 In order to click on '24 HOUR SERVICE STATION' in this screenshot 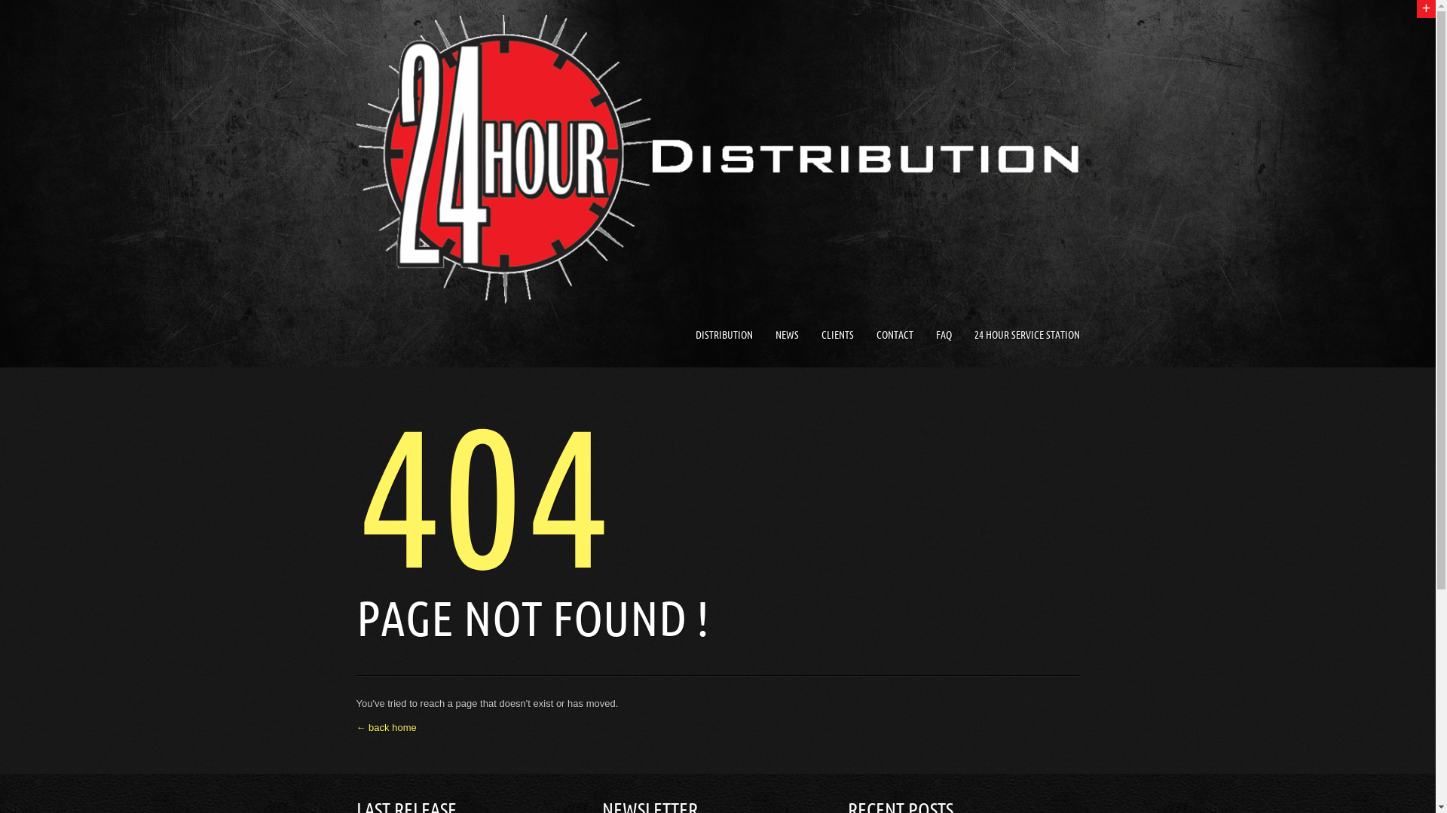, I will do `click(1026, 334)`.